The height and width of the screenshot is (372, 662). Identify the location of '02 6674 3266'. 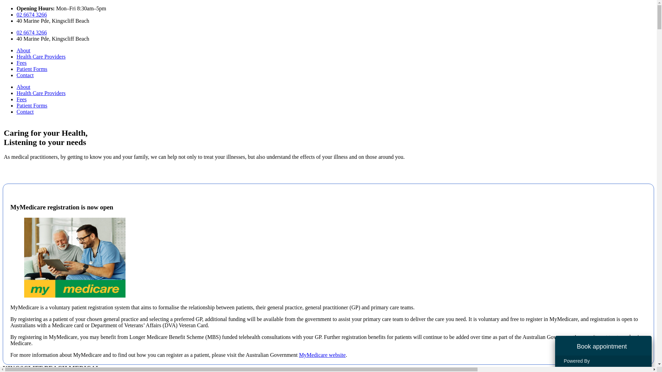
(31, 32).